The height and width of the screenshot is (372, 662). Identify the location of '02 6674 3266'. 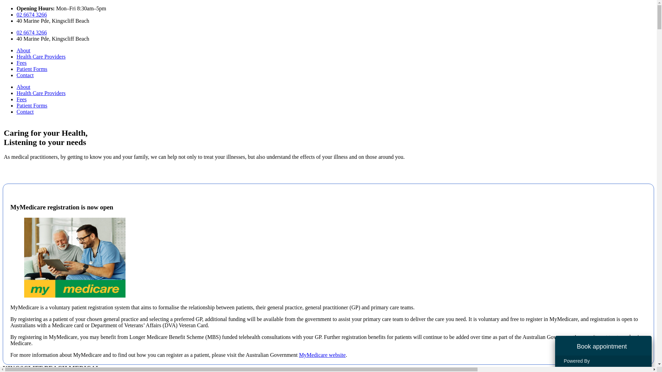
(31, 32).